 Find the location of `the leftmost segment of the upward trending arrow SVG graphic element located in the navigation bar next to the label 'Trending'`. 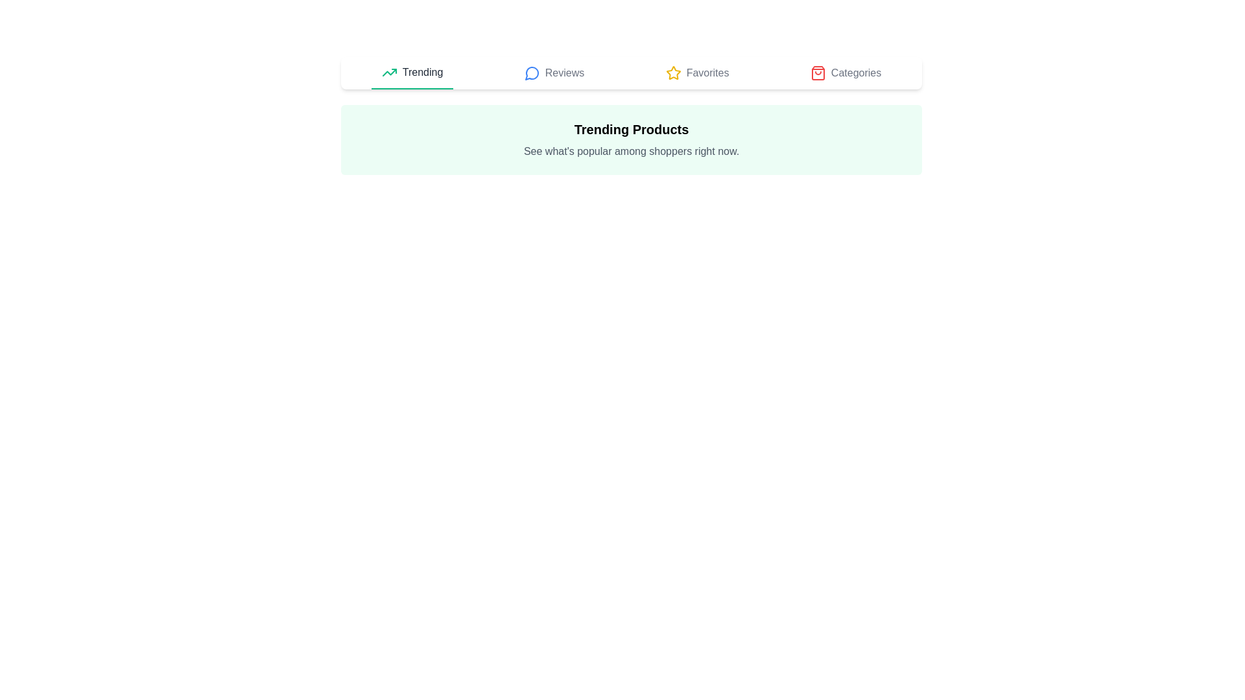

the leftmost segment of the upward trending arrow SVG graphic element located in the navigation bar next to the label 'Trending' is located at coordinates (388, 72).